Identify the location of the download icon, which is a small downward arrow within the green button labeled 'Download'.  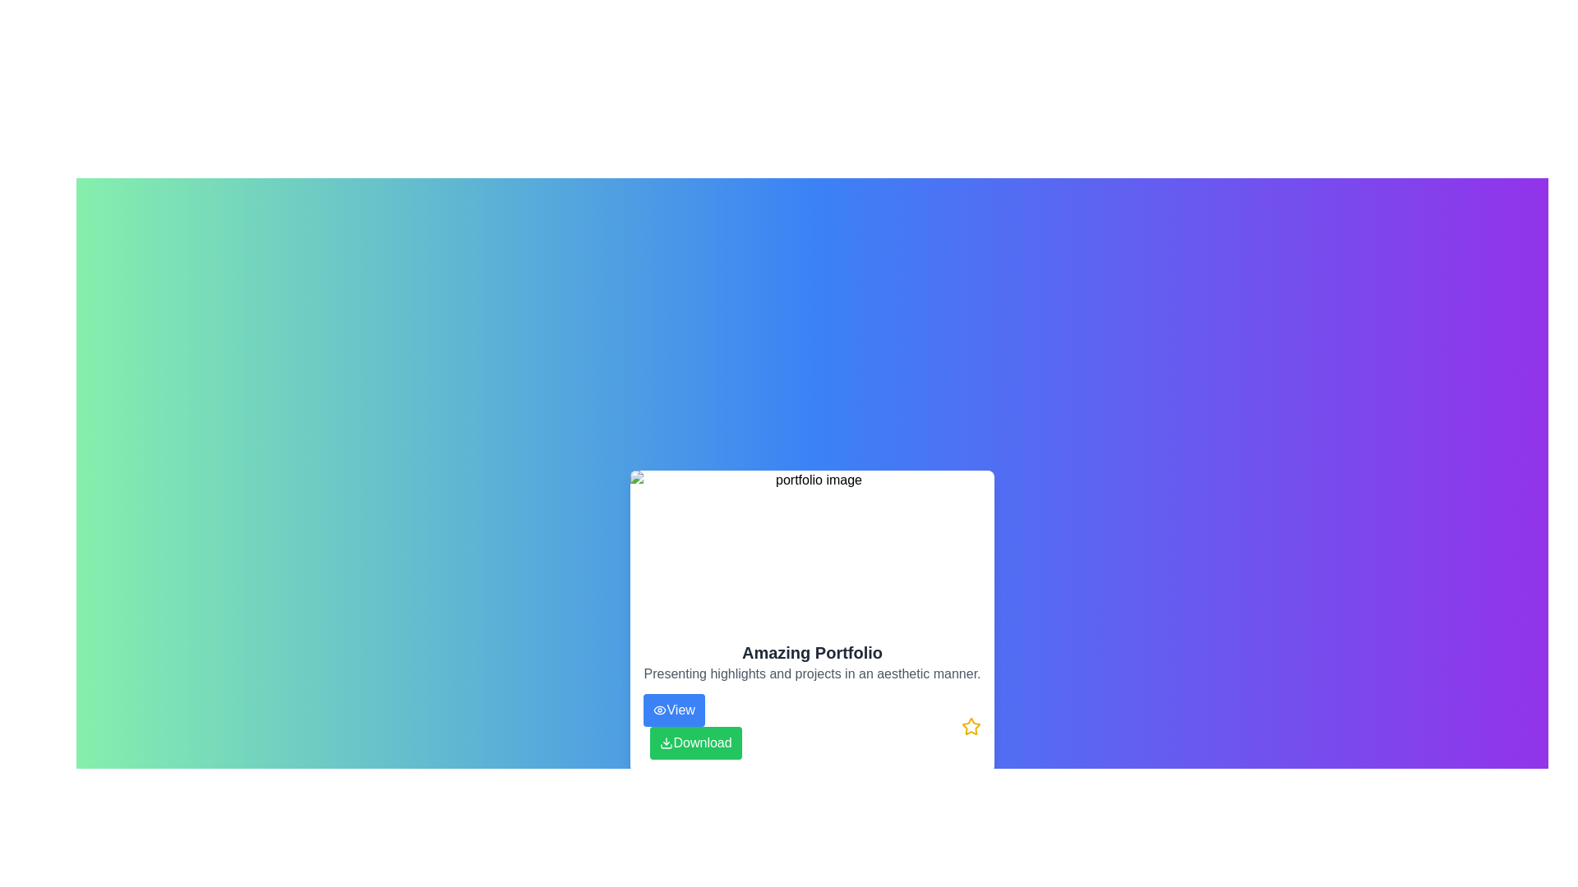
(667, 743).